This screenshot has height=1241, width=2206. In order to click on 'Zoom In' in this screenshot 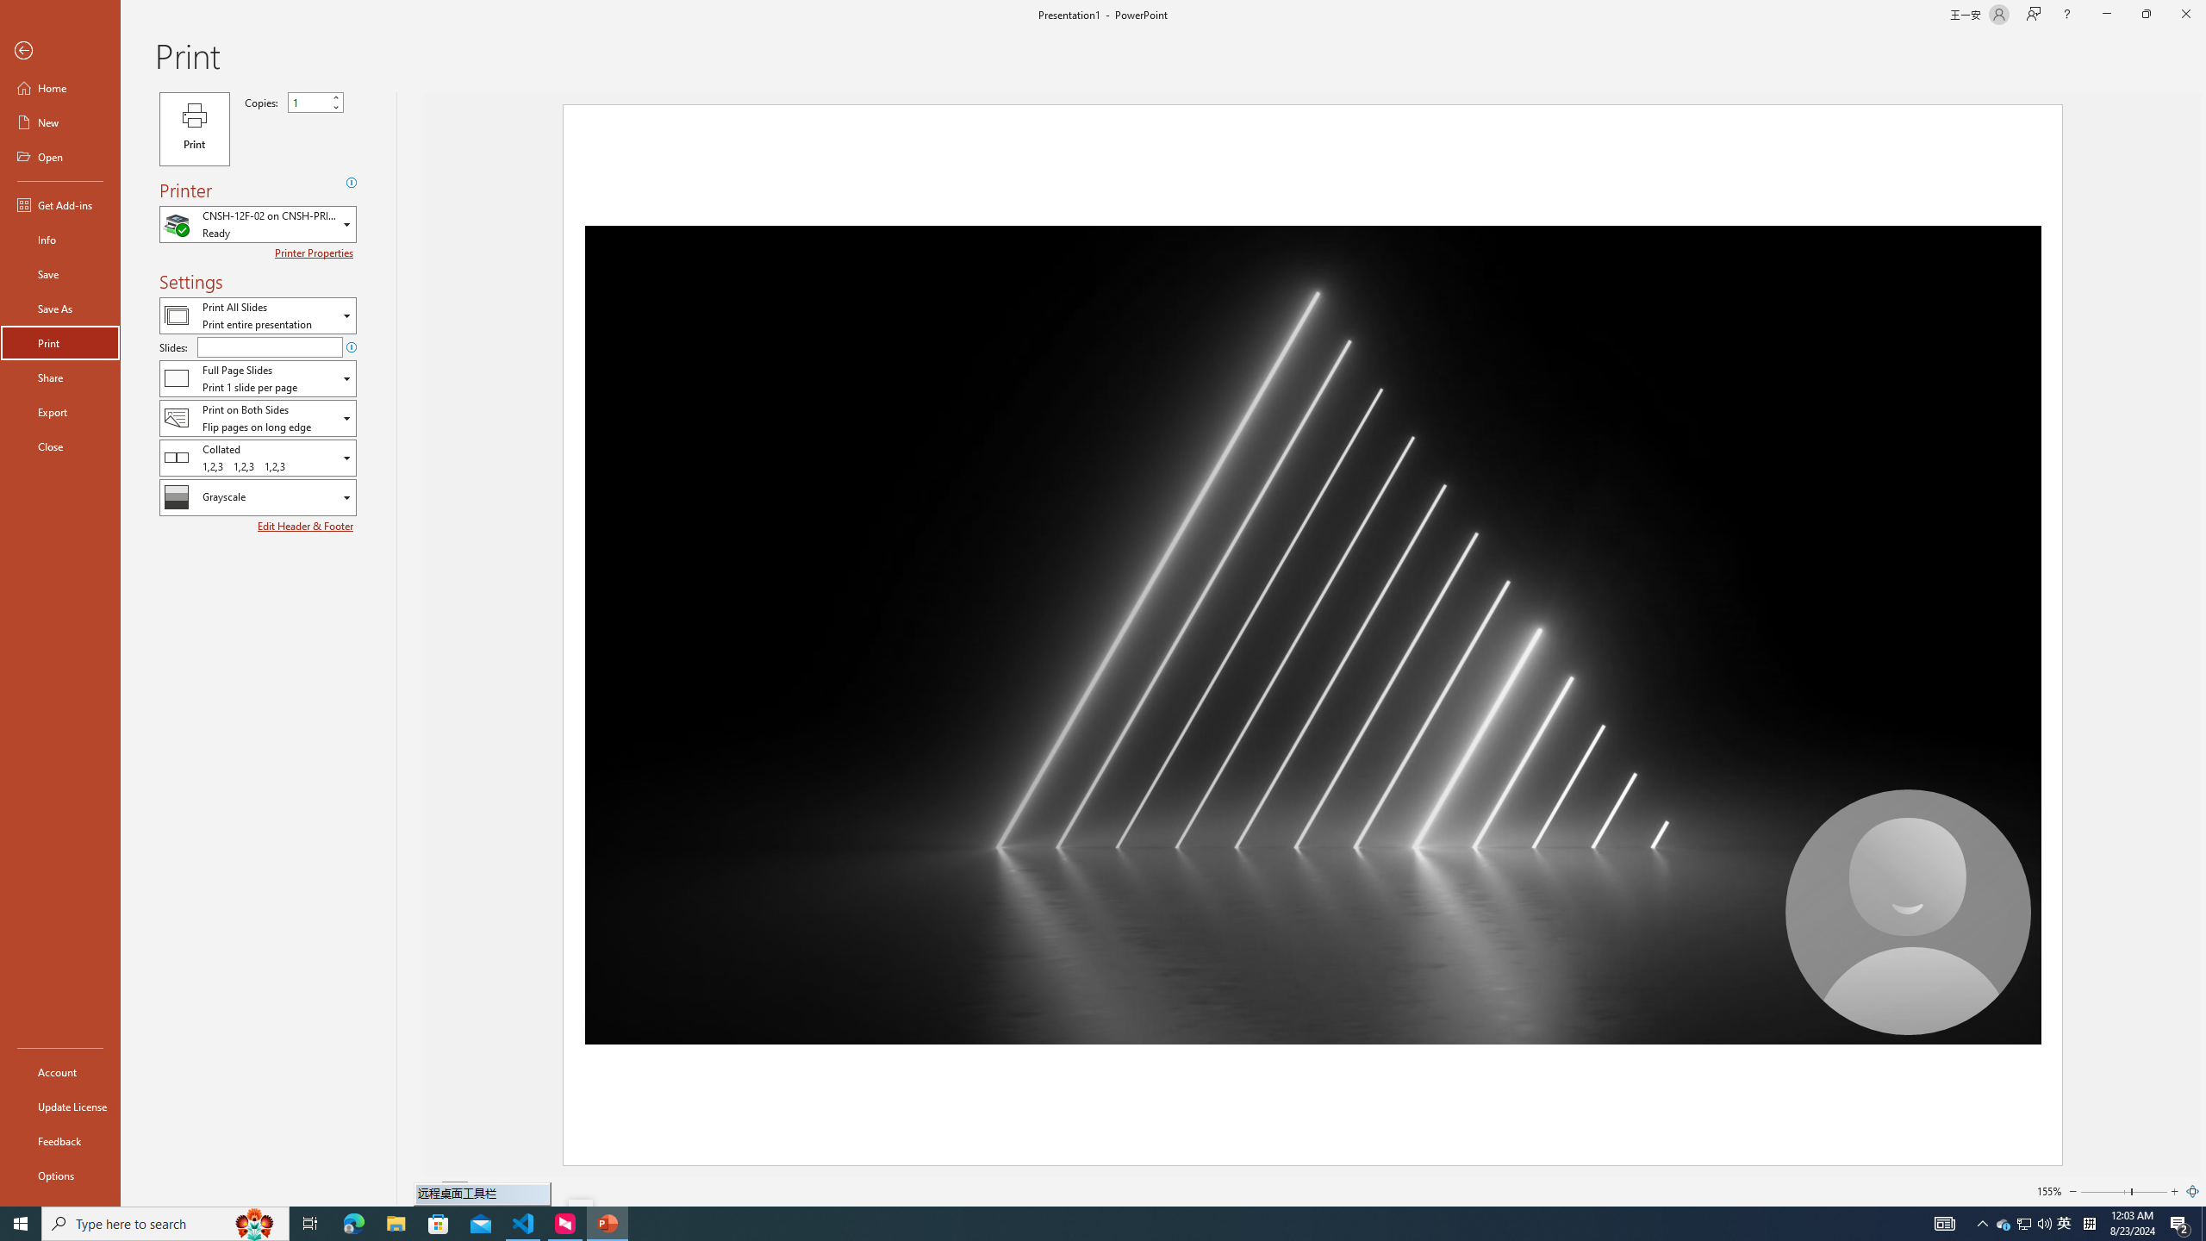, I will do `click(2173, 1191)`.